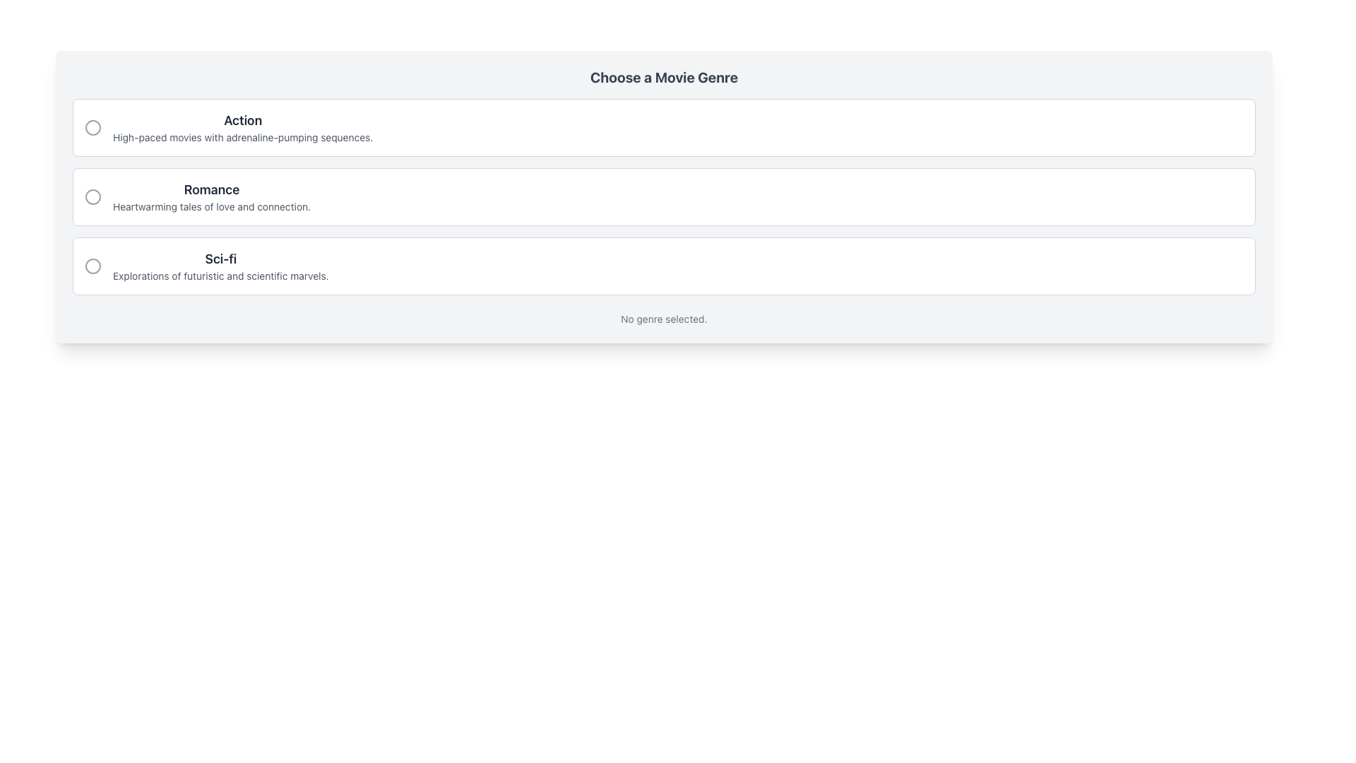 The width and height of the screenshot is (1356, 763). Describe the element at coordinates (93, 266) in the screenshot. I see `the circular icon that indicates the selection for the 'Sci-fi' genre option` at that location.